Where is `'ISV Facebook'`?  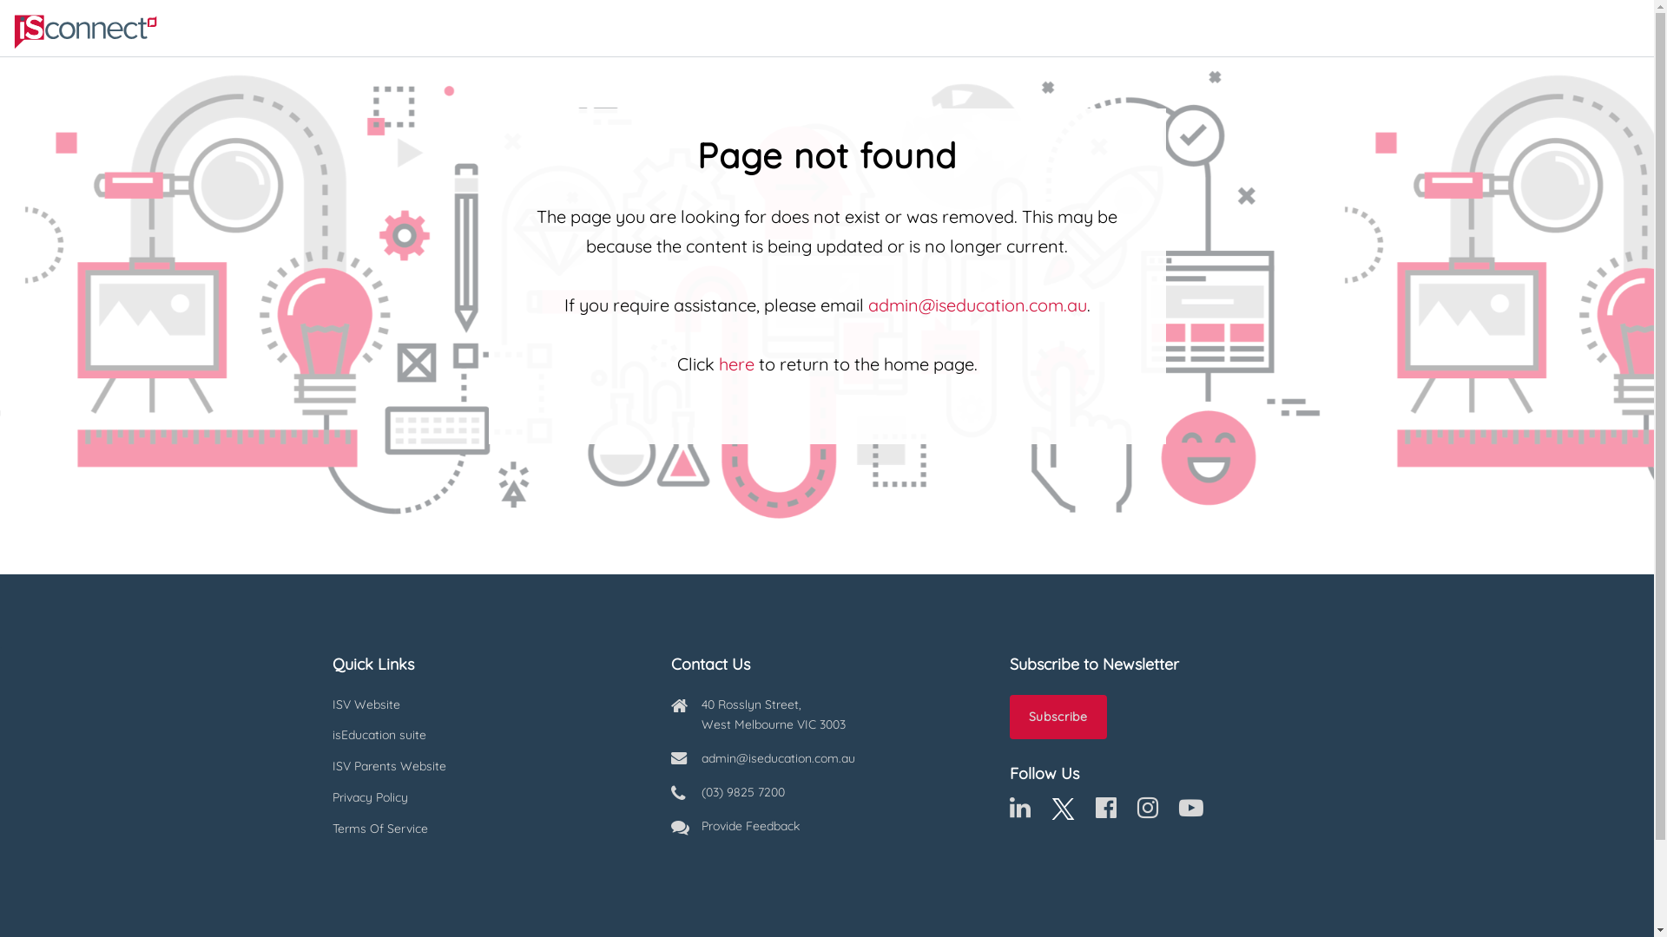
'ISV Facebook' is located at coordinates (1104, 812).